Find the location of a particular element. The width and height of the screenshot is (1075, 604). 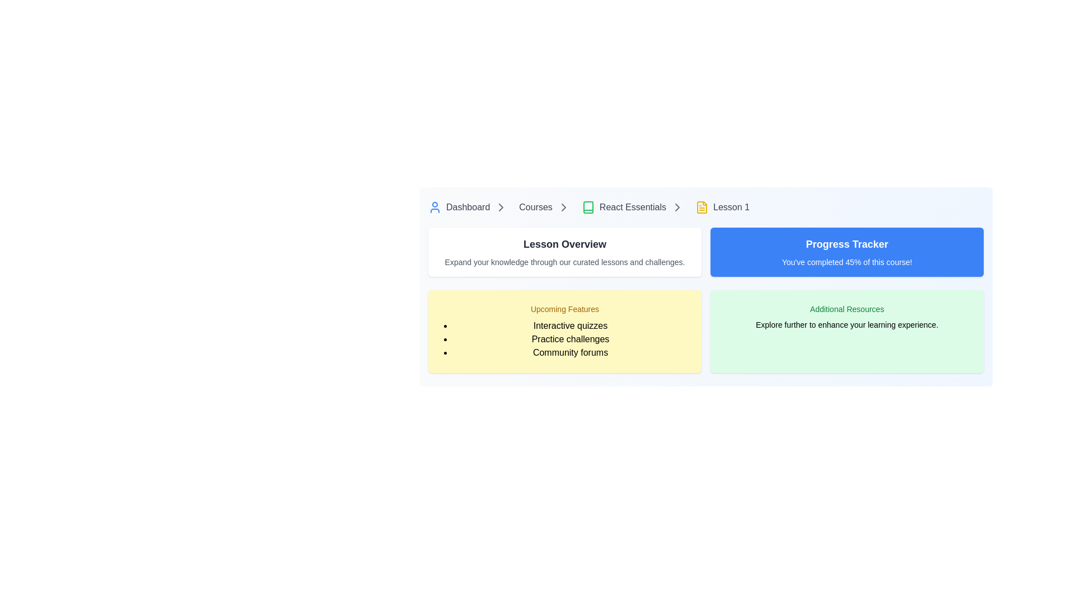

the third breadcrumb navigation link labeled 'React Essentials' is located at coordinates (635, 207).